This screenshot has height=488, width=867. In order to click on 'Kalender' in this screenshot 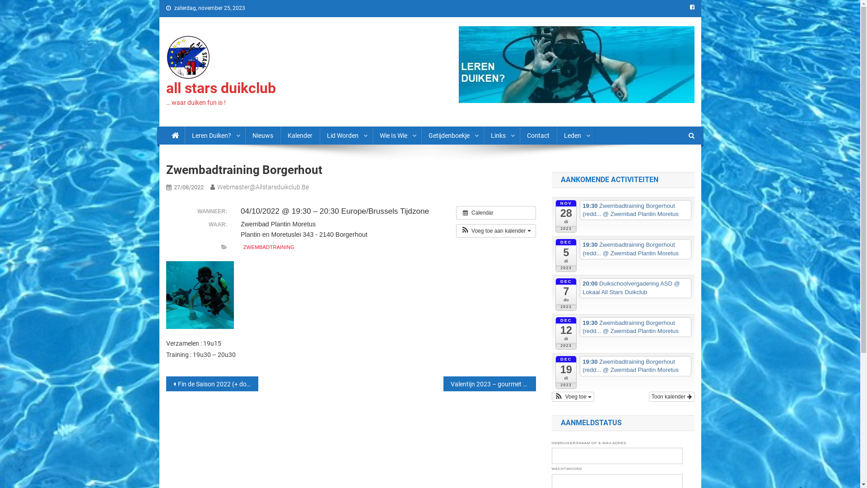, I will do `click(299, 136)`.